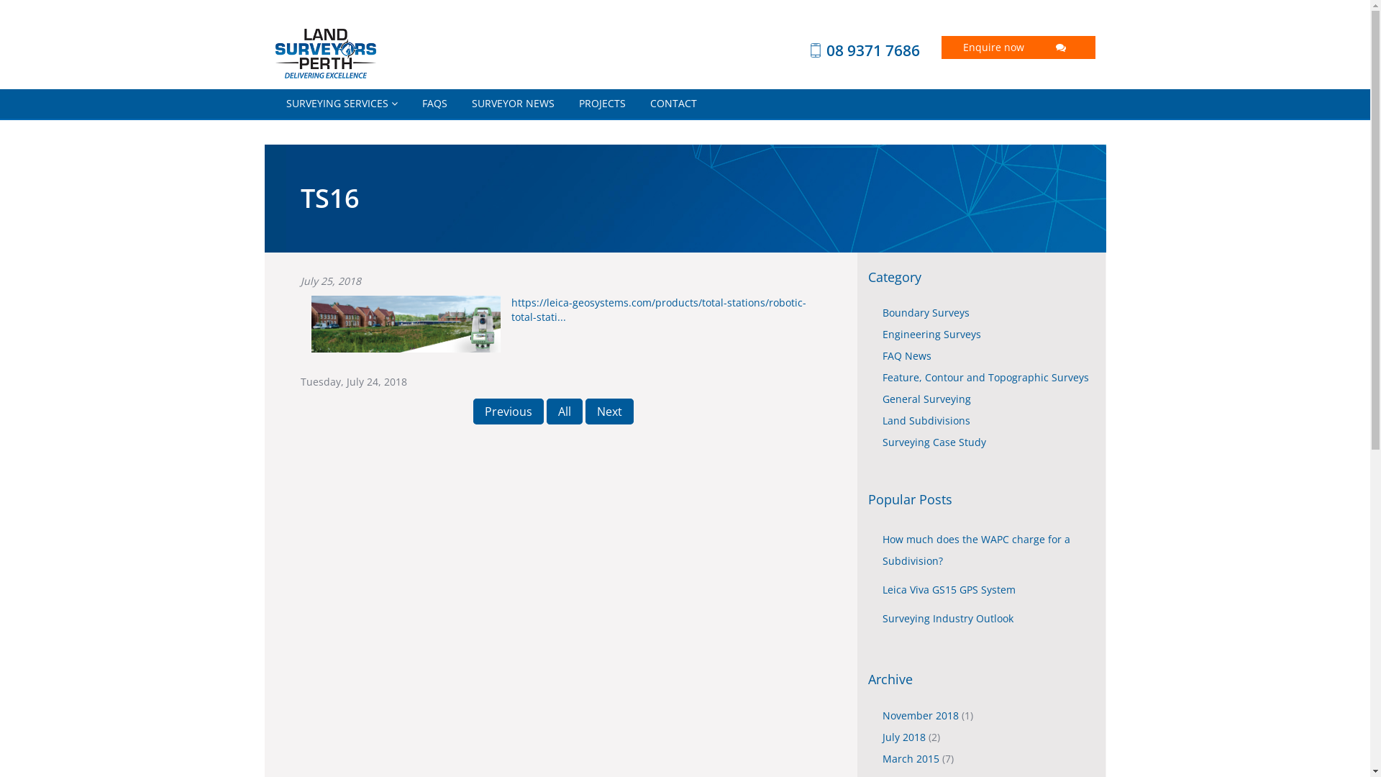 This screenshot has height=777, width=1381. I want to click on 'SURVEYOR NEWS', so click(512, 102).